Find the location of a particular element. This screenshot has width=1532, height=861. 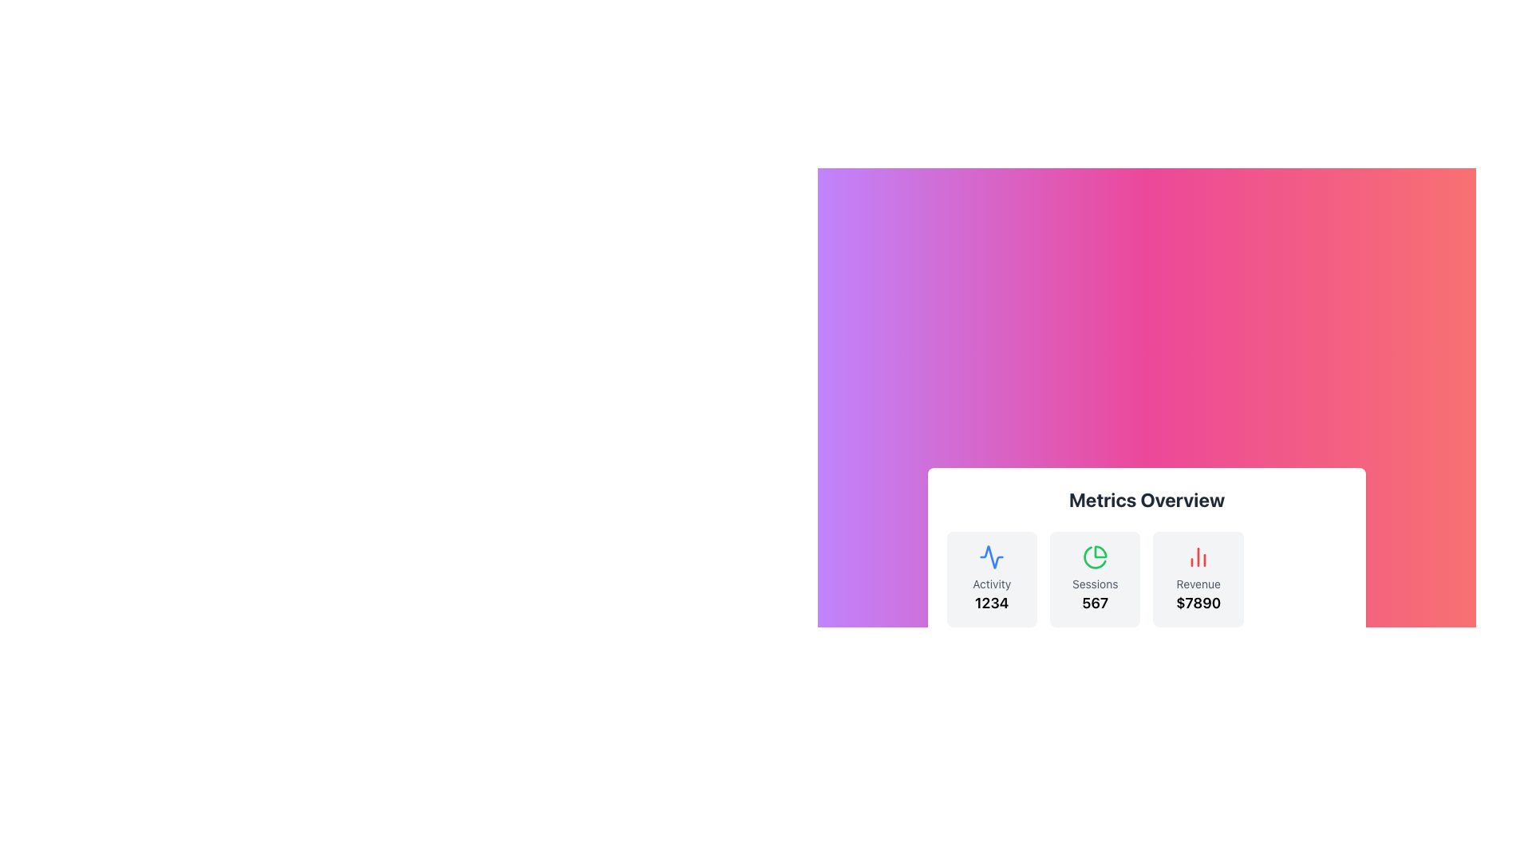

the 'Sessions' icon located at the top of the card labeled 'Sessions' within the 'Metrics Overview' section is located at coordinates (1094, 556).